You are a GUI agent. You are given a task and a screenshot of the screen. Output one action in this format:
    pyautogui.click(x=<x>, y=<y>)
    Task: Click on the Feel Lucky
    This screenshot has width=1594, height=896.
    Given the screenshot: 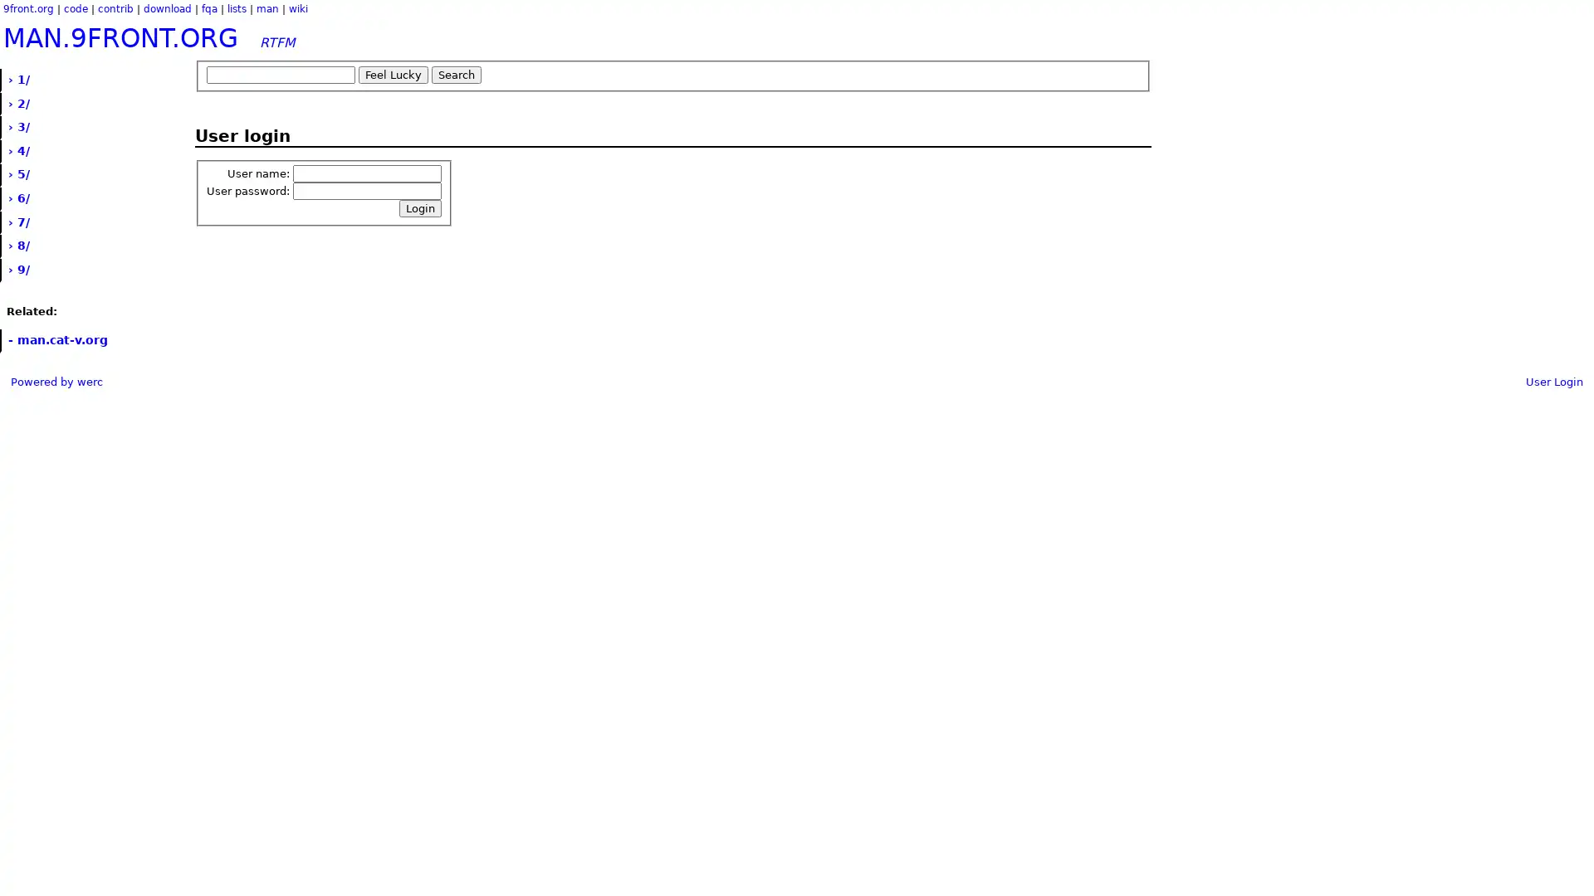 What is the action you would take?
    pyautogui.click(x=393, y=75)
    